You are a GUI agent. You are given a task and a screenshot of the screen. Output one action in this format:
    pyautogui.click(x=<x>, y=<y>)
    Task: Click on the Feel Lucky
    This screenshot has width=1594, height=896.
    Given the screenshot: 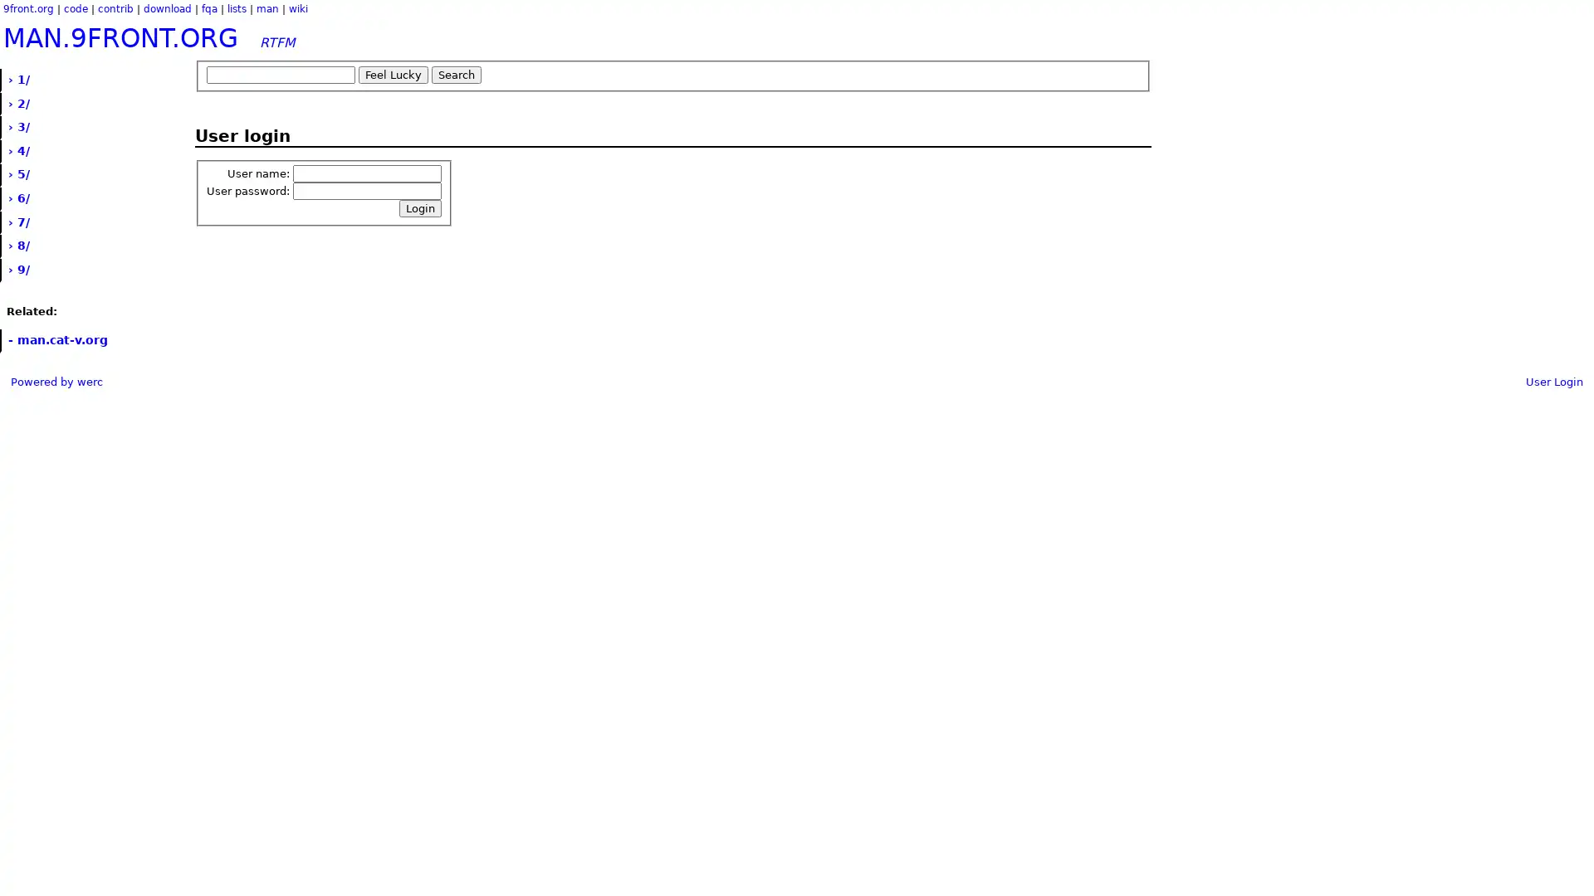 What is the action you would take?
    pyautogui.click(x=393, y=75)
    